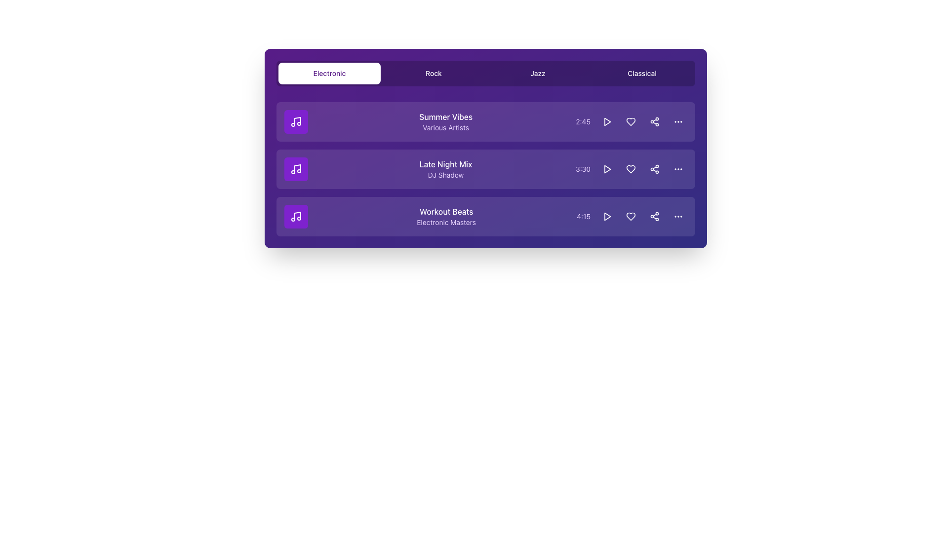  What do you see at coordinates (677, 169) in the screenshot?
I see `the ellipsis icon button located at the far-right end of the third list item in the playlist` at bounding box center [677, 169].